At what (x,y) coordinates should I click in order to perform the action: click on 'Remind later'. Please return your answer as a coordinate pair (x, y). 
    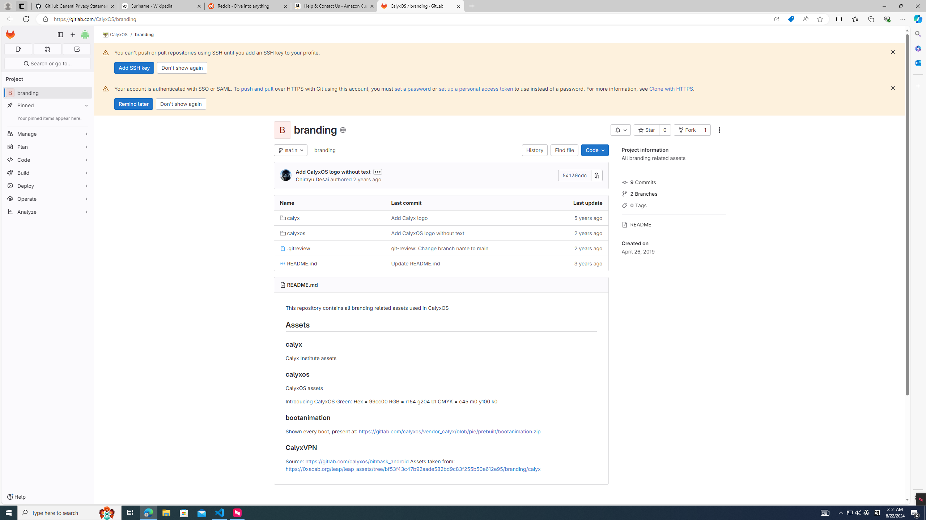
    Looking at the image, I should click on (133, 104).